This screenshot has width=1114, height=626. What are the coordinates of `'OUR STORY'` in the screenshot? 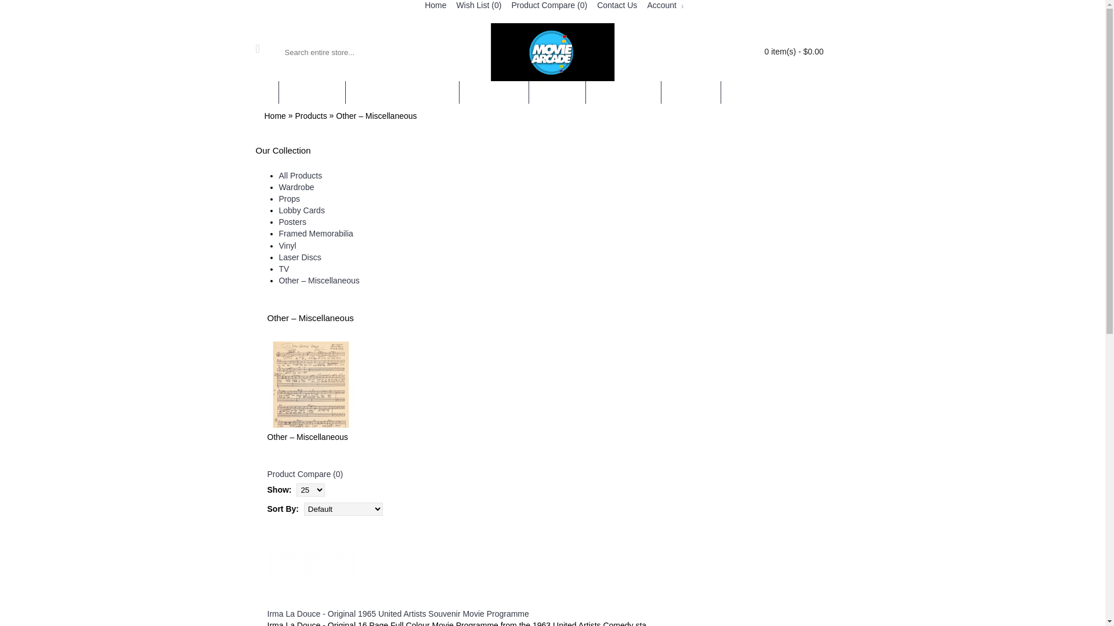 It's located at (494, 92).